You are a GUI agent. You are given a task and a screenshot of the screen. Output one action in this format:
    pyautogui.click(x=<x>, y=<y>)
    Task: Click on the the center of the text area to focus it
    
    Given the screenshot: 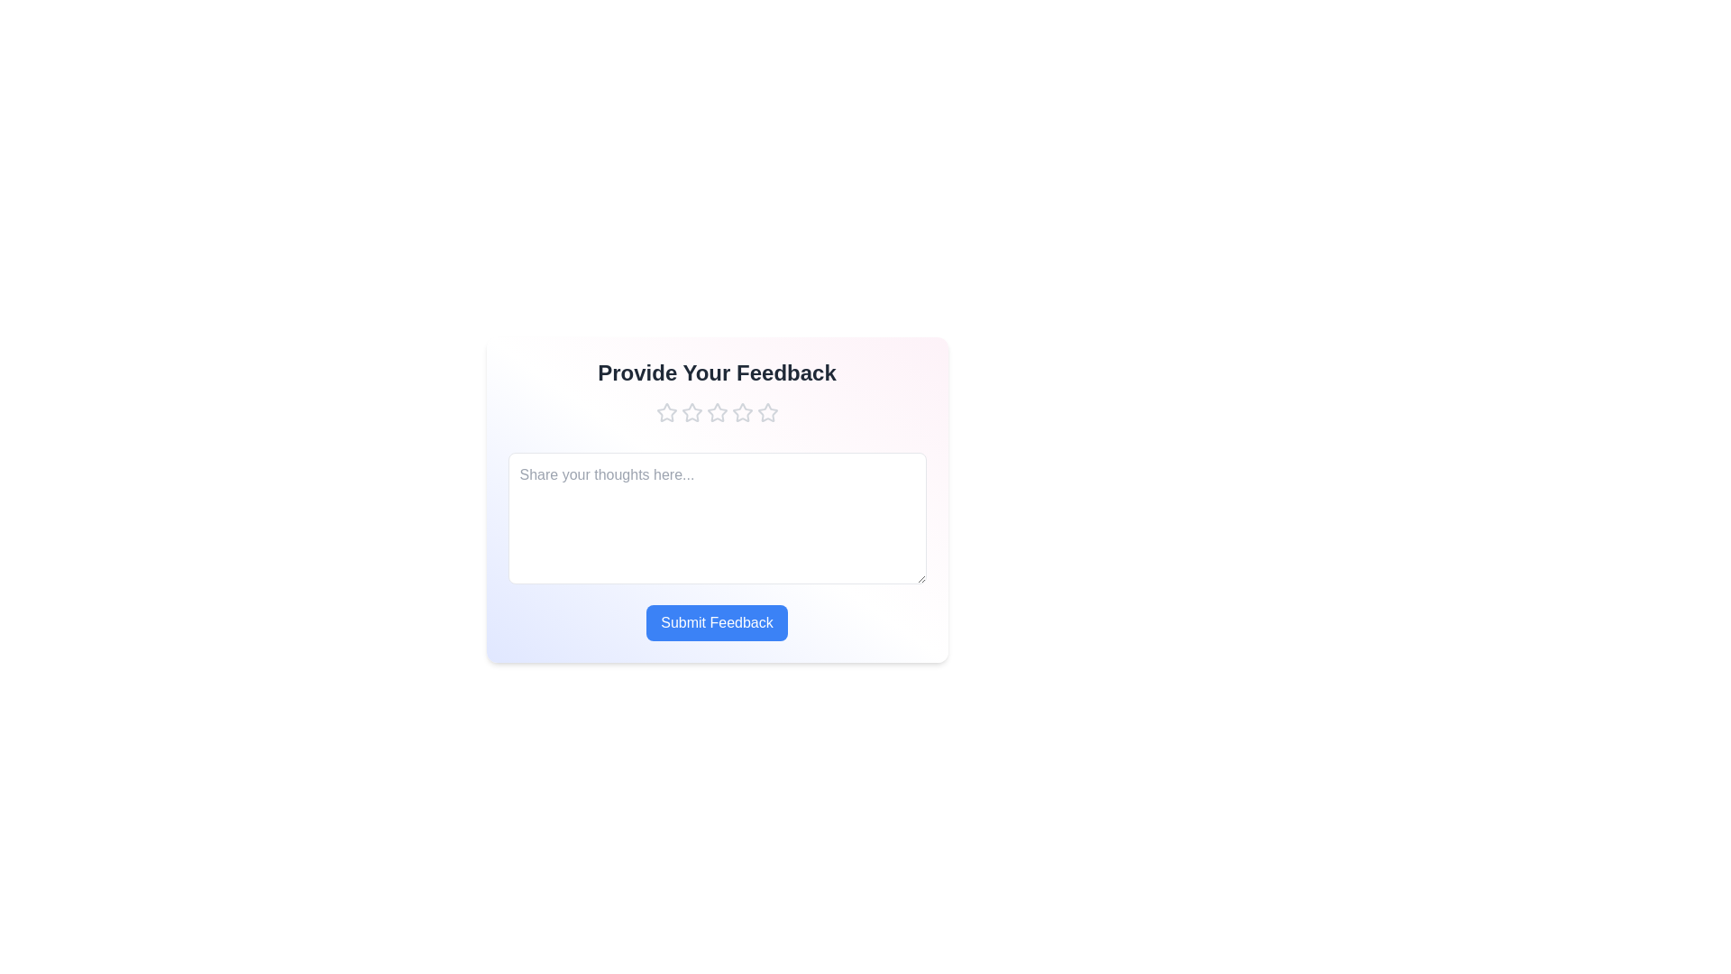 What is the action you would take?
    pyautogui.click(x=716, y=518)
    